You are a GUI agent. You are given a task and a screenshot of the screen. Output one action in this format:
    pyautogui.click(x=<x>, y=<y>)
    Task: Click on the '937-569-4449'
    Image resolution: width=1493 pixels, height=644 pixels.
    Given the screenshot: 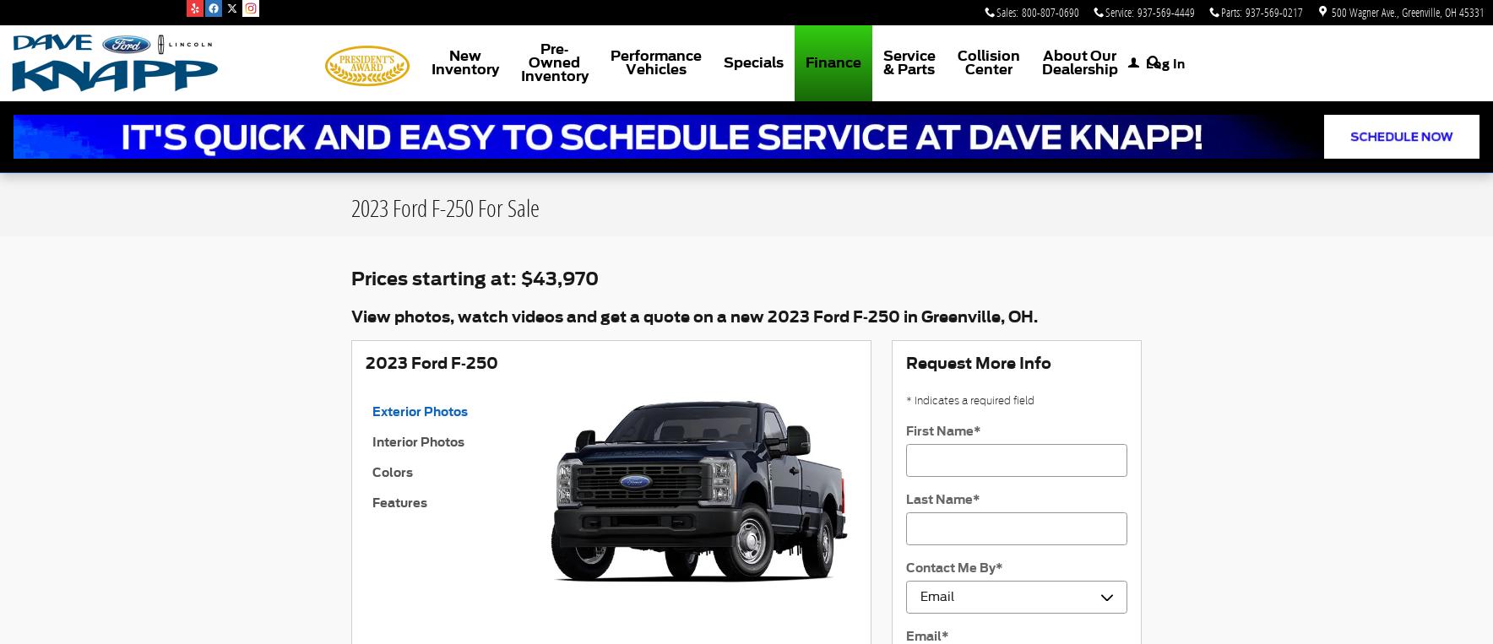 What is the action you would take?
    pyautogui.click(x=1137, y=11)
    